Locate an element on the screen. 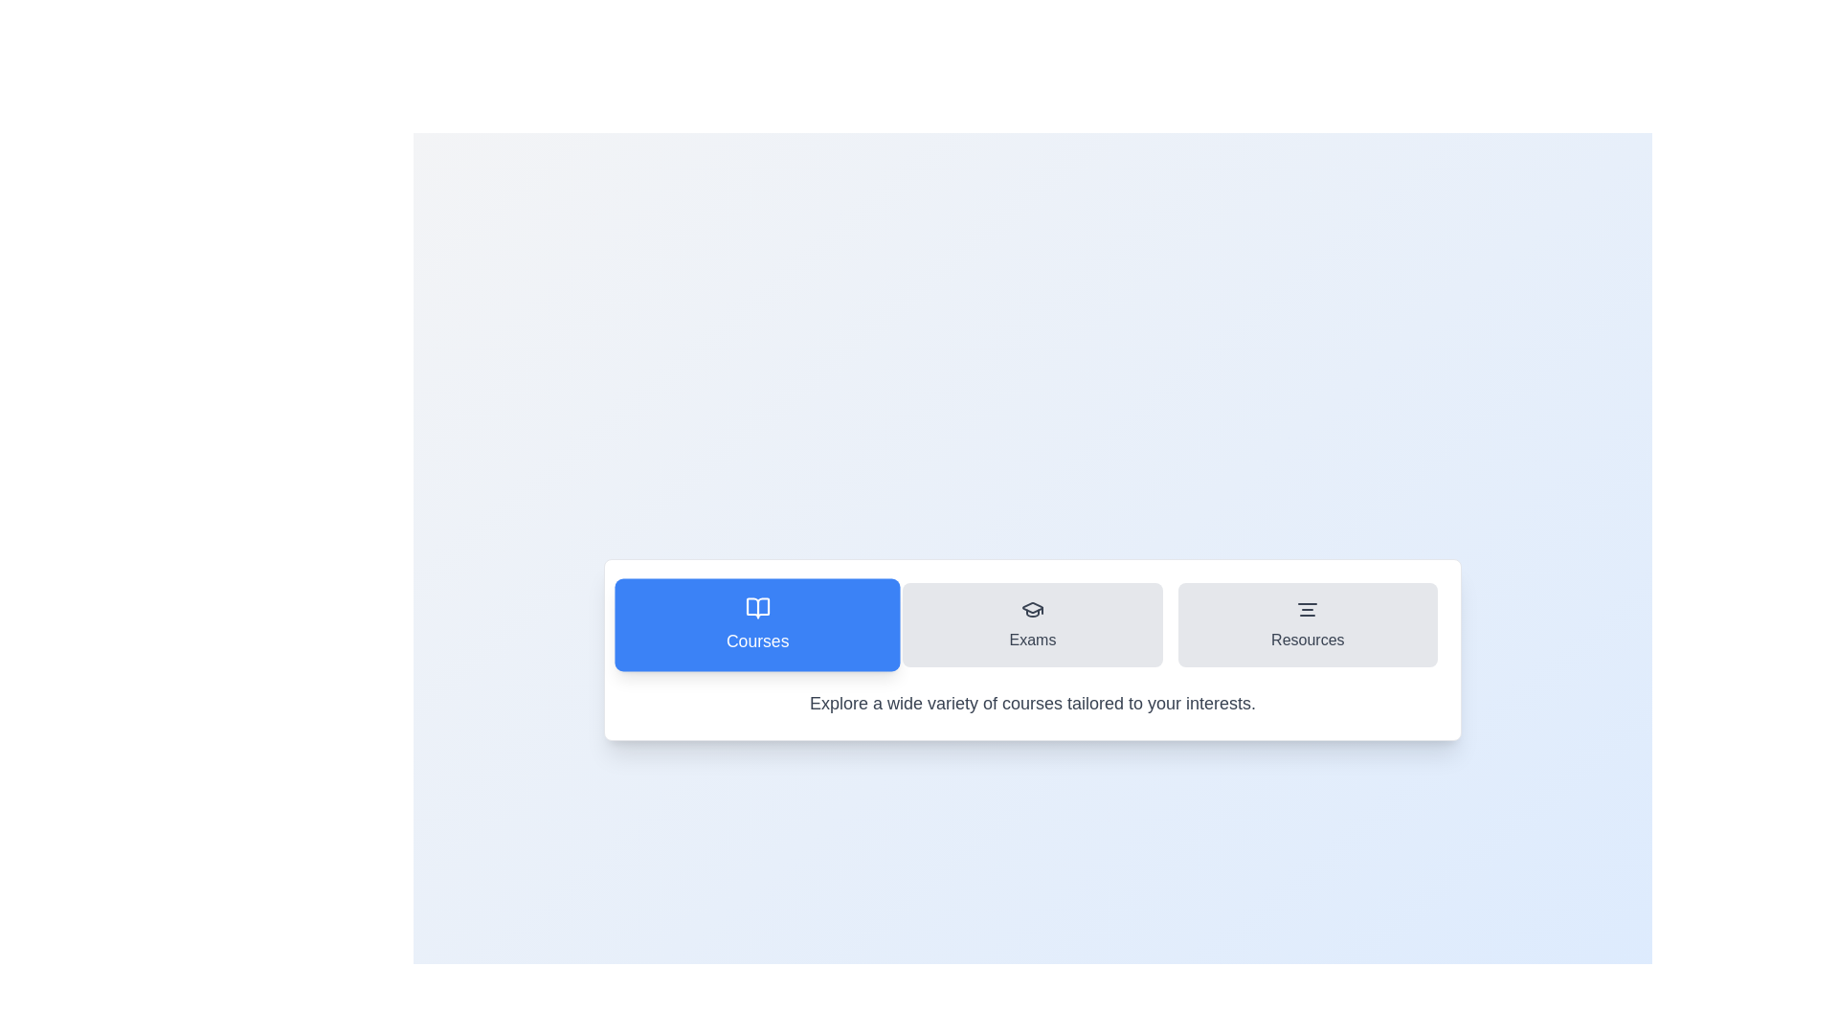 Image resolution: width=1838 pixels, height=1034 pixels. the tab labeled 'Exams' to observe its icon and label is located at coordinates (1032, 624).